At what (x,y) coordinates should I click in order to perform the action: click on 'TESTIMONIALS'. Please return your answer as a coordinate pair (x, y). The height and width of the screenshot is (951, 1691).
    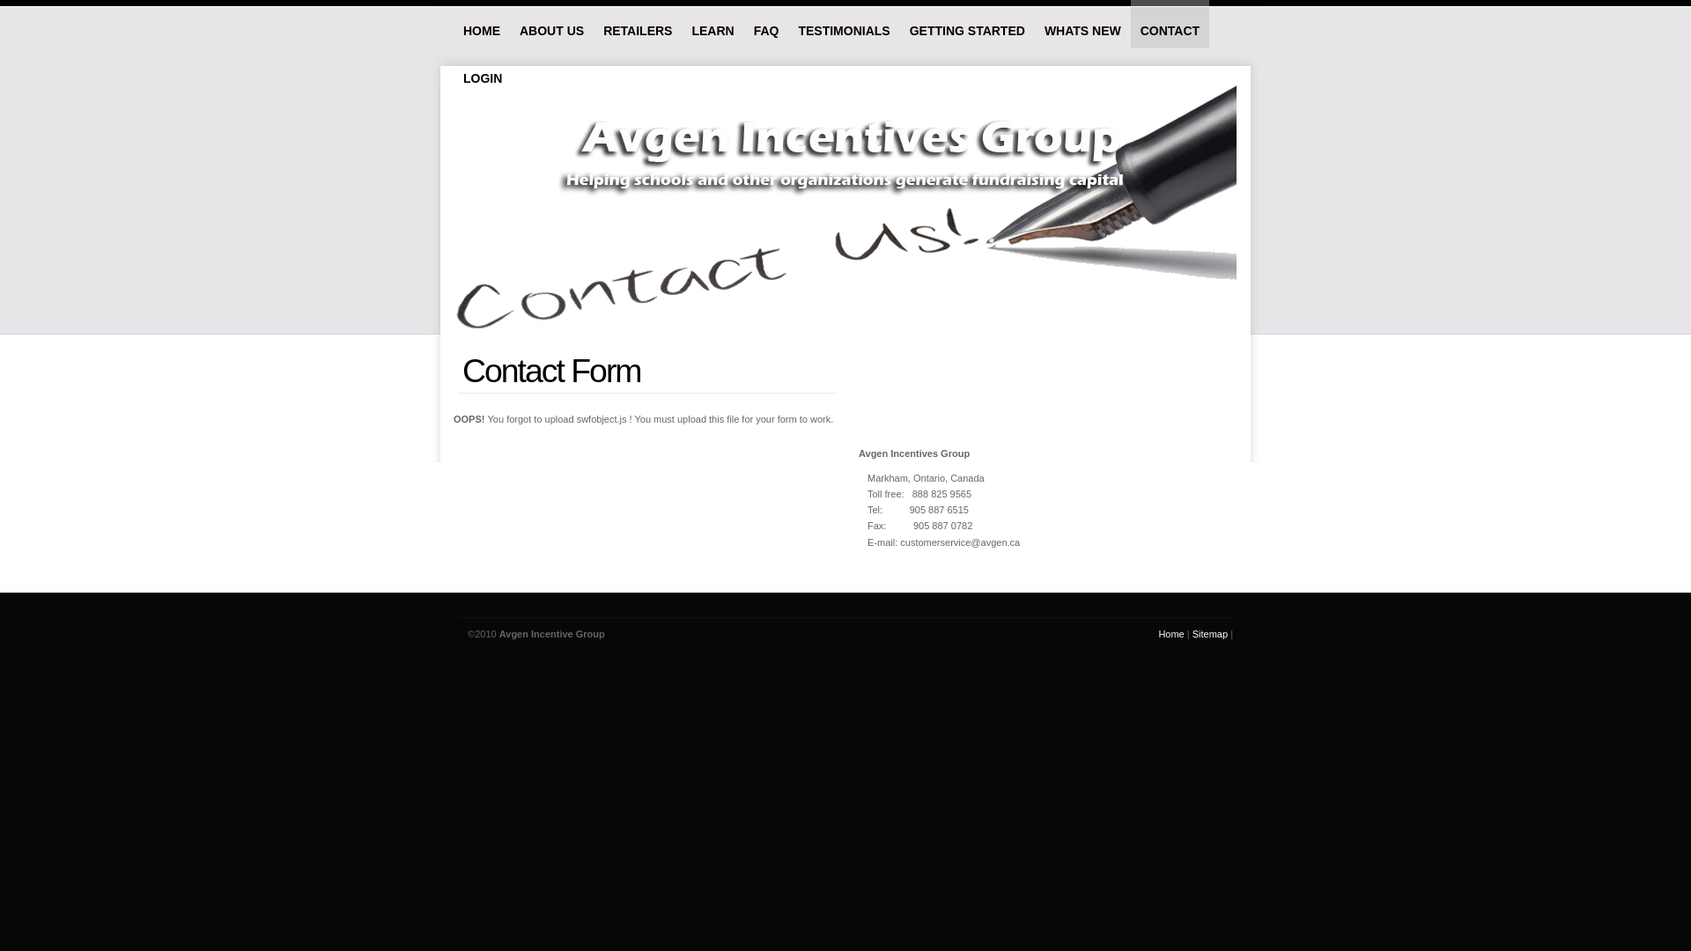
    Looking at the image, I should click on (843, 23).